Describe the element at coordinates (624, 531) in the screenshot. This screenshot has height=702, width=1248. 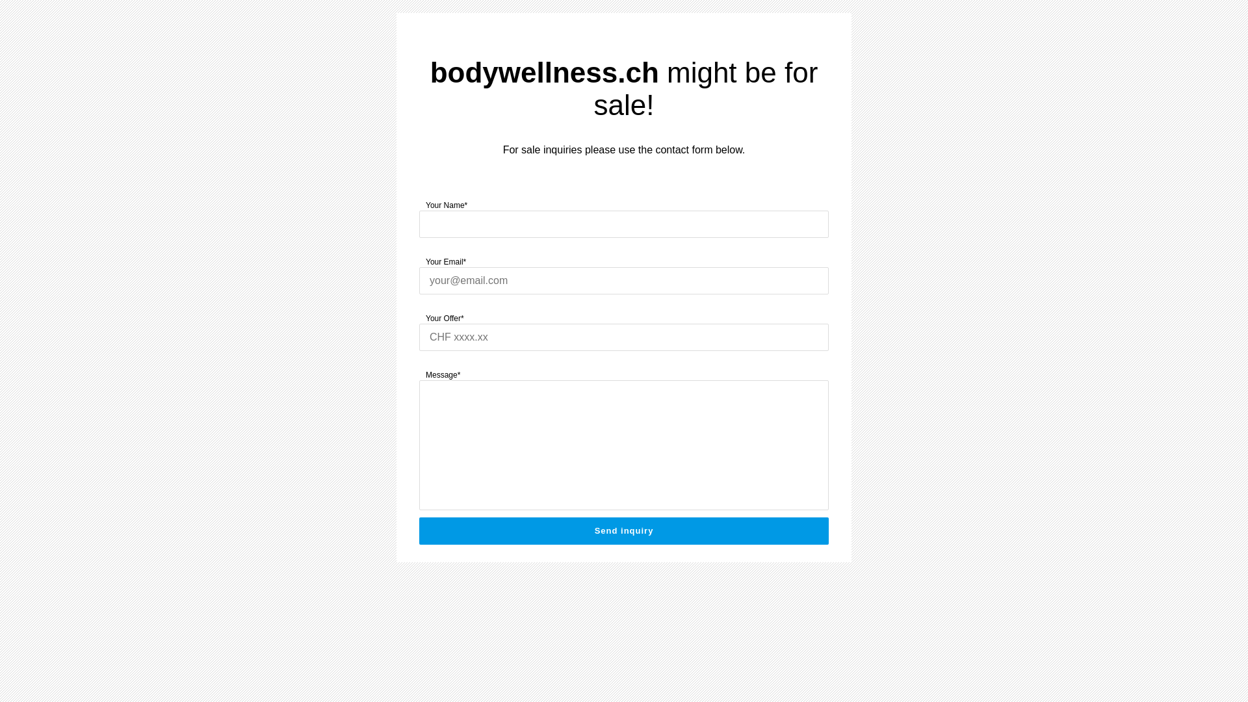
I see `'Send inquiry'` at that location.